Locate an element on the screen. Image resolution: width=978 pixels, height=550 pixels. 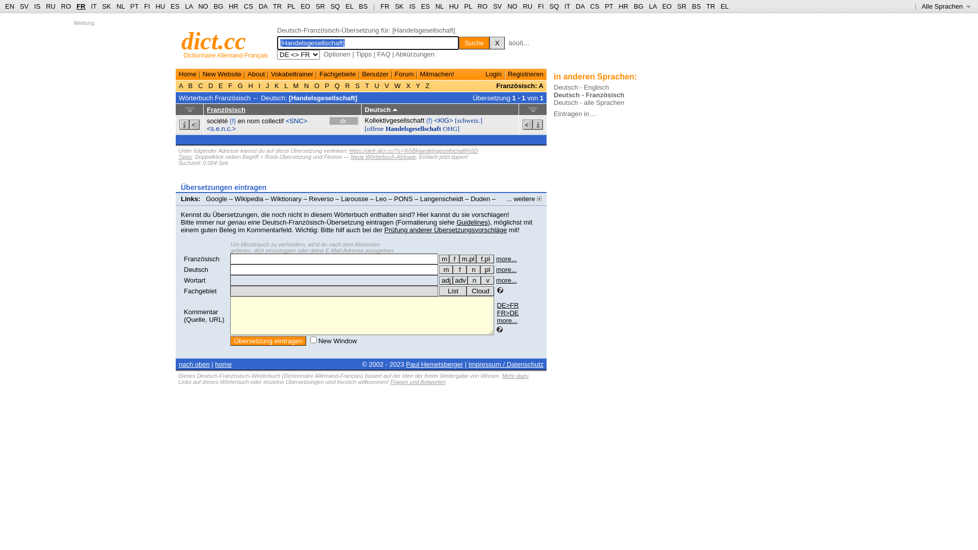
'P' is located at coordinates (327, 85).